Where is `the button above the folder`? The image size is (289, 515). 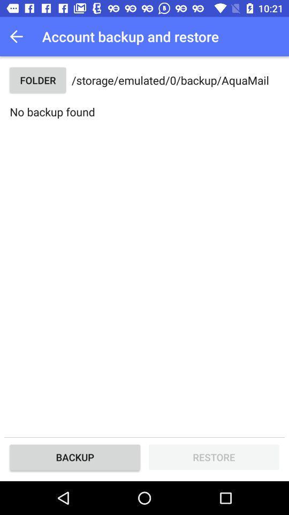
the button above the folder is located at coordinates (19, 36).